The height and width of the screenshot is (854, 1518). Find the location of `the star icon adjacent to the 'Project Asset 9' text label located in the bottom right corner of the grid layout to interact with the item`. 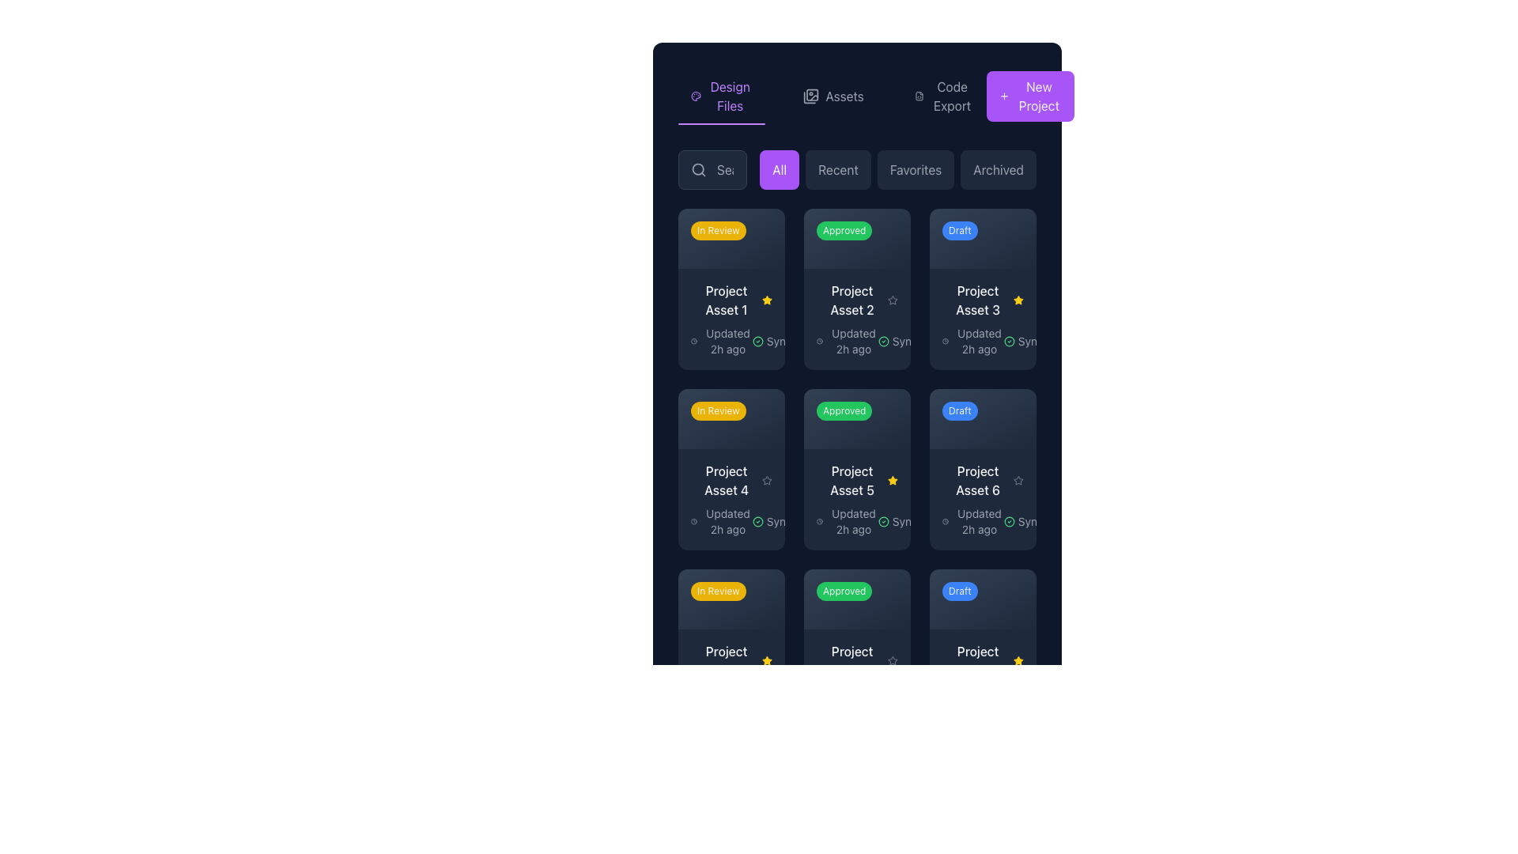

the star icon adjacent to the 'Project Asset 9' text label located in the bottom right corner of the grid layout to interact with the item is located at coordinates (982, 660).